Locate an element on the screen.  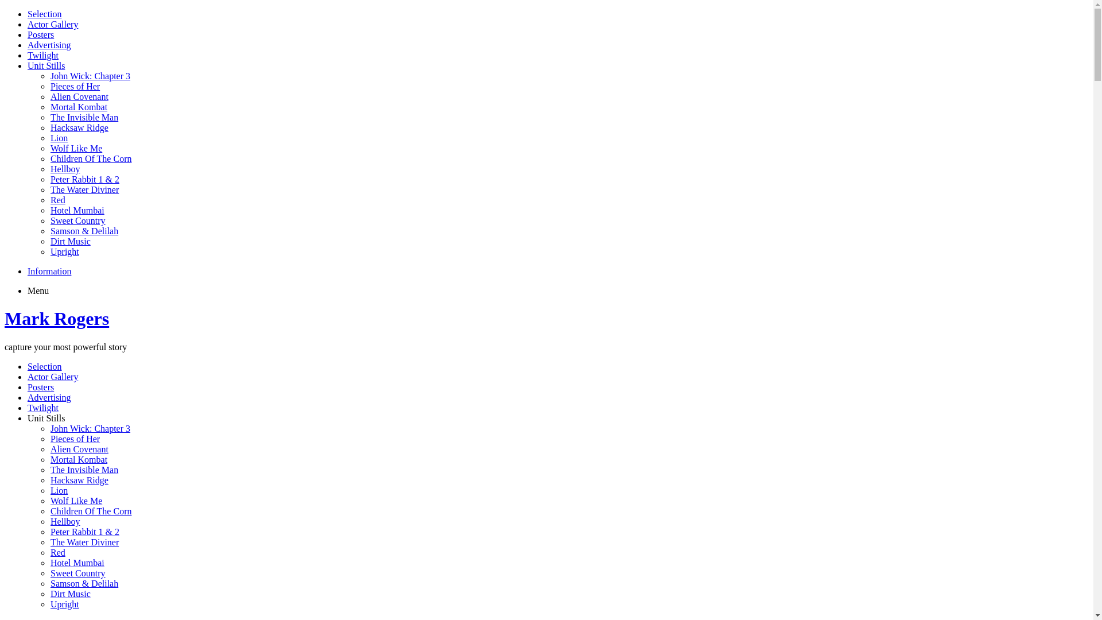
'Information' is located at coordinates (49, 271).